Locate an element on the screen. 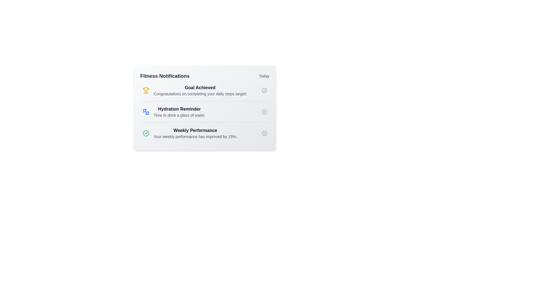 Image resolution: width=534 pixels, height=300 pixels. the Notification item that congratulates the user for achieving their daily steps goal, located at the upper part of the notification panel, between 'Fitness Notifications' and 'Hydration Reminder' is located at coordinates (194, 90).